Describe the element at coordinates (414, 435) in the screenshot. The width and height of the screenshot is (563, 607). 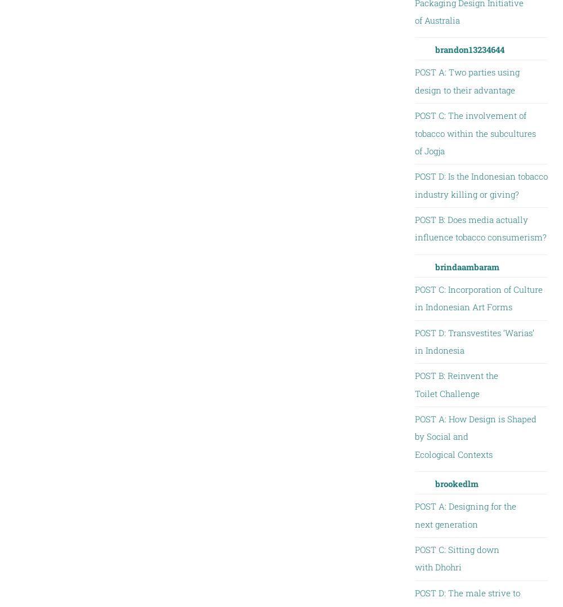
I see `'POST A: How Design is Shaped by Social and Ecological Contexts'` at that location.